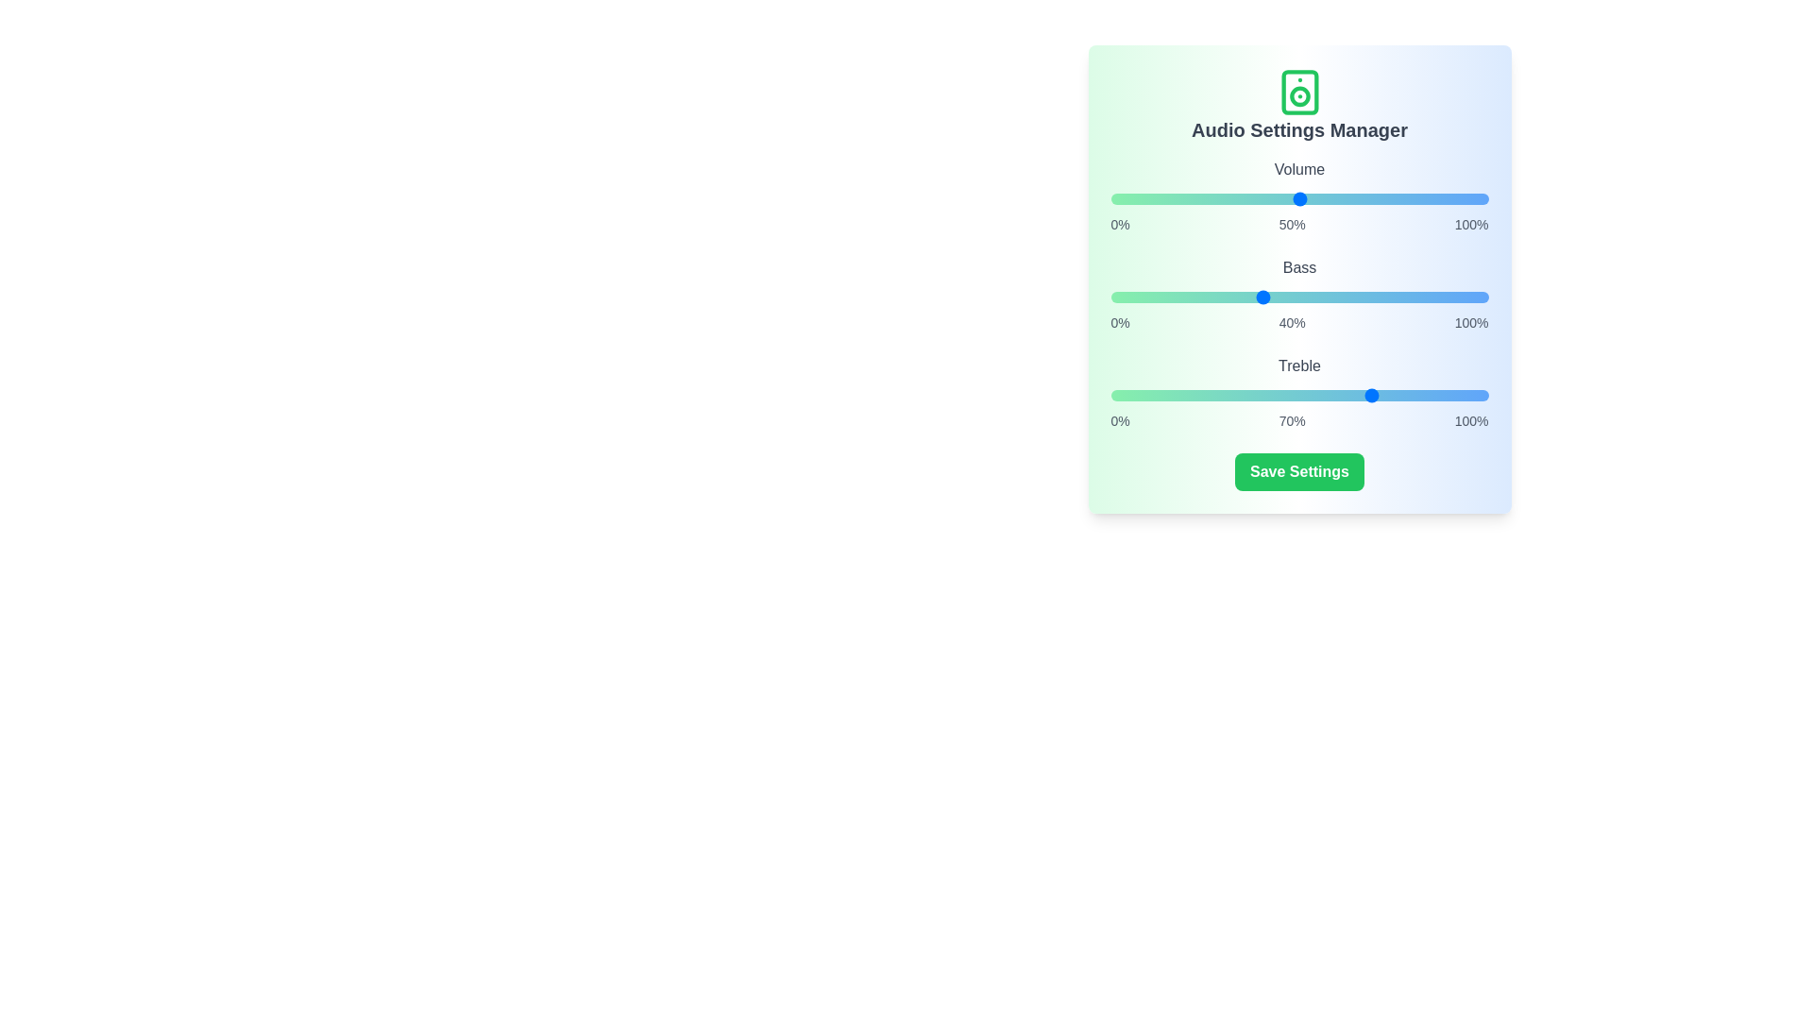 This screenshot has height=1020, width=1813. Describe the element at coordinates (1386, 395) in the screenshot. I see `the treble slider to 73%` at that location.